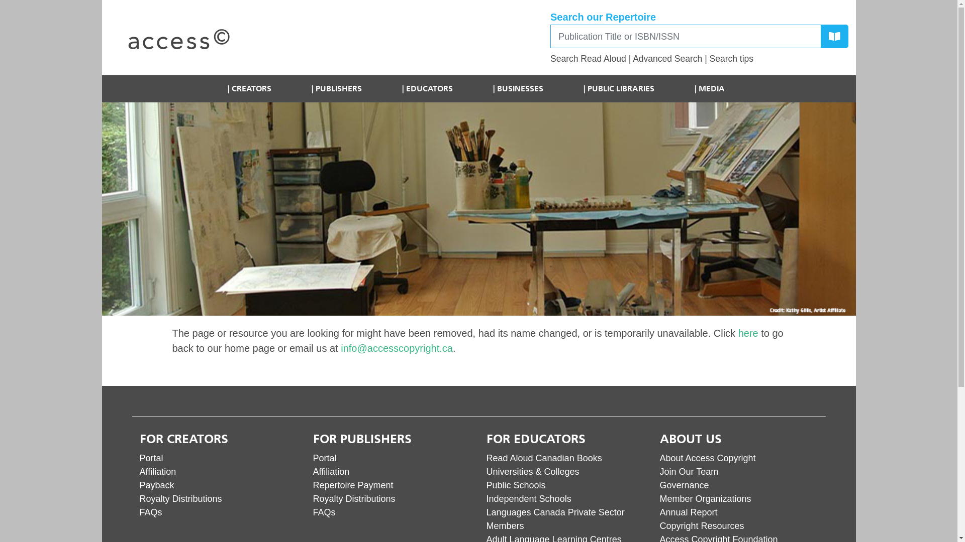 The width and height of the screenshot is (965, 542). What do you see at coordinates (688, 512) in the screenshot?
I see `'Annual Report'` at bounding box center [688, 512].